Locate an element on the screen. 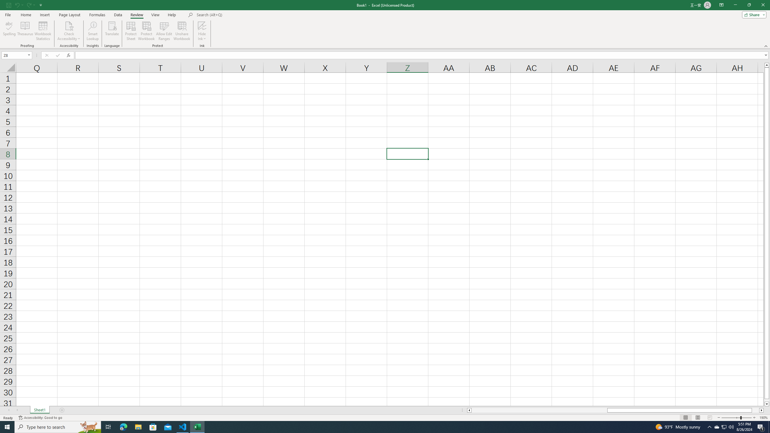 Image resolution: width=770 pixels, height=433 pixels. 'Allow Edit Ranges' is located at coordinates (164, 31).